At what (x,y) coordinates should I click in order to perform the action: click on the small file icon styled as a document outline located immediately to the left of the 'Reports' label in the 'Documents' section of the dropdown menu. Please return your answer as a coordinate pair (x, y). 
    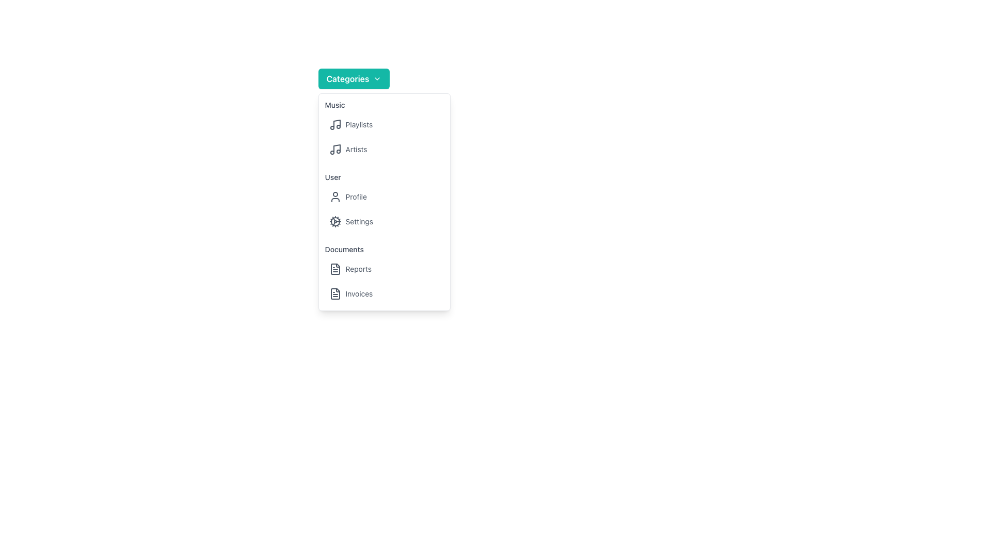
    Looking at the image, I should click on (335, 268).